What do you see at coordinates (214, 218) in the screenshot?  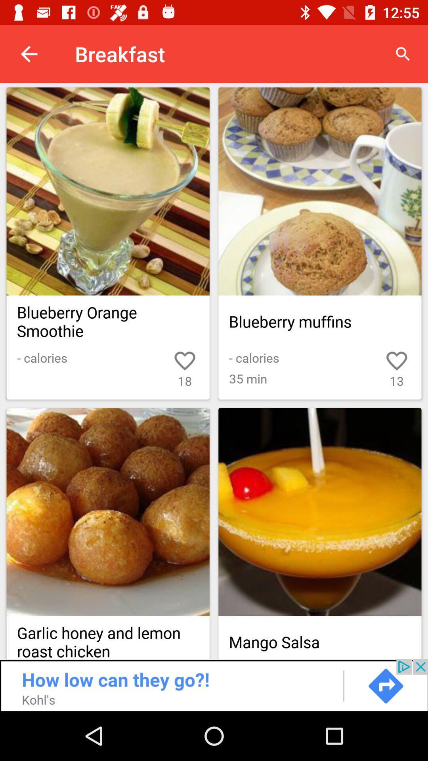 I see `shows recipes with blueberries` at bounding box center [214, 218].